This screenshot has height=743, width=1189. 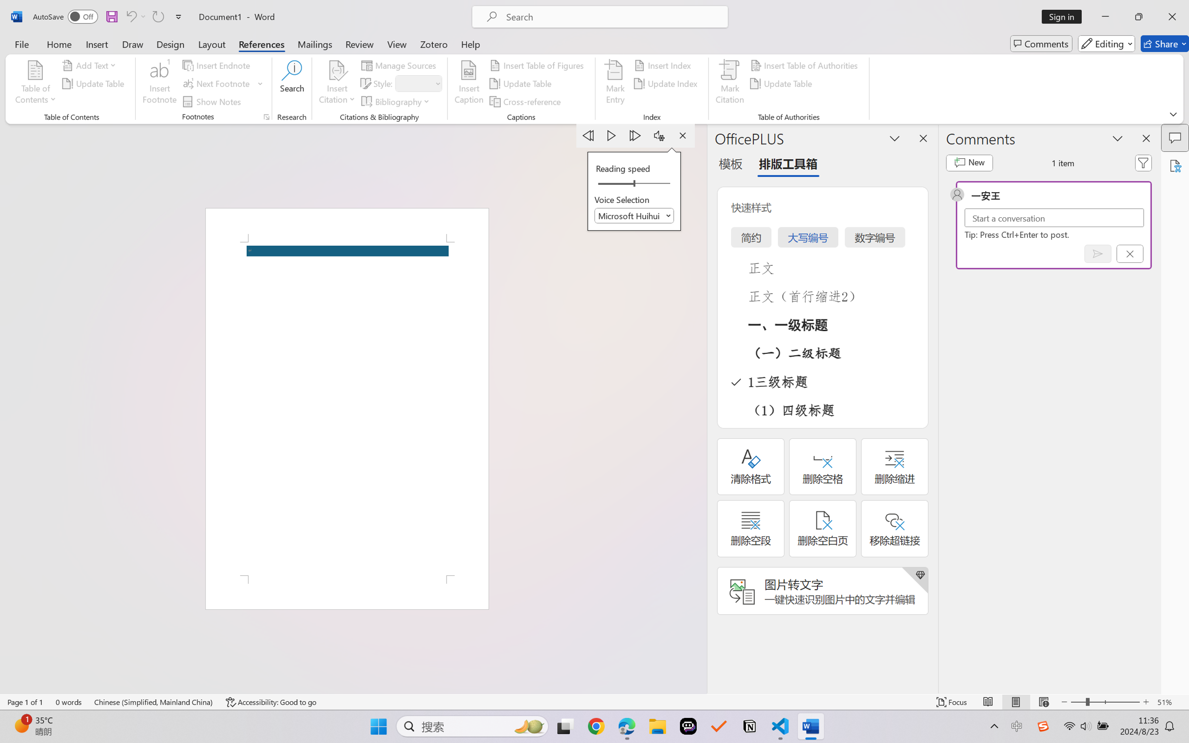 What do you see at coordinates (159, 84) in the screenshot?
I see `'Insert Footnote'` at bounding box center [159, 84].